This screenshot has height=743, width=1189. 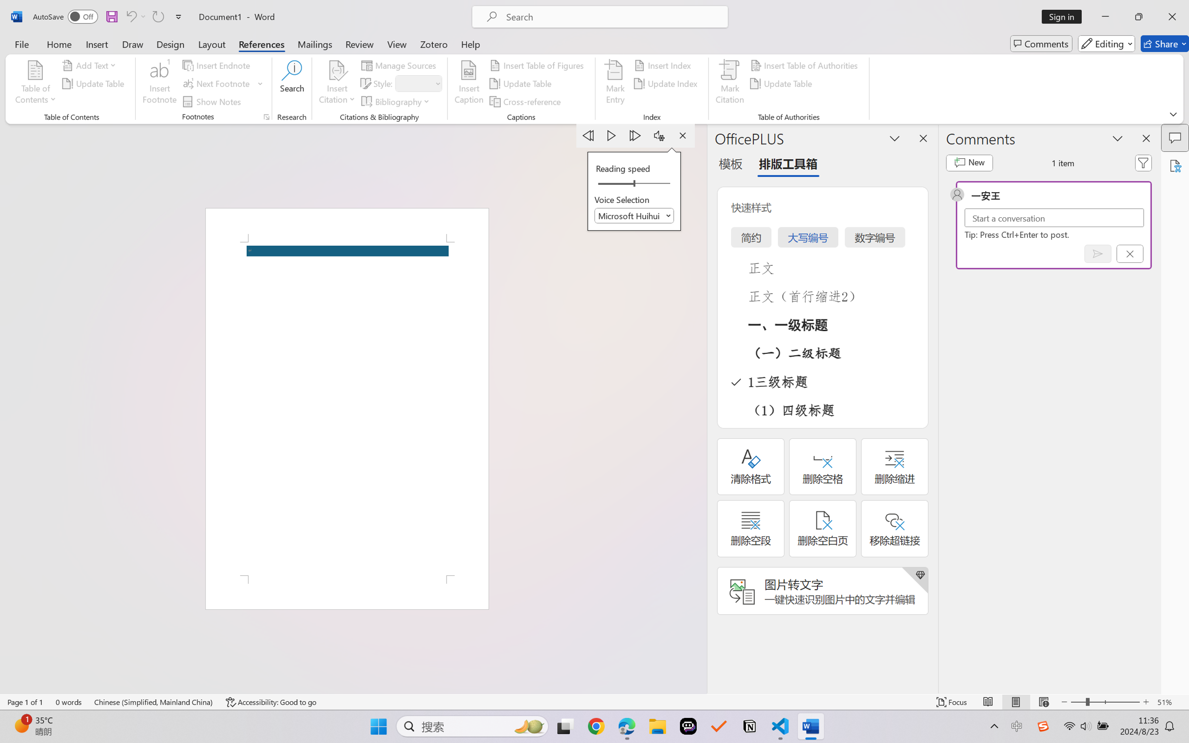 What do you see at coordinates (159, 84) in the screenshot?
I see `'Insert Footnote'` at bounding box center [159, 84].